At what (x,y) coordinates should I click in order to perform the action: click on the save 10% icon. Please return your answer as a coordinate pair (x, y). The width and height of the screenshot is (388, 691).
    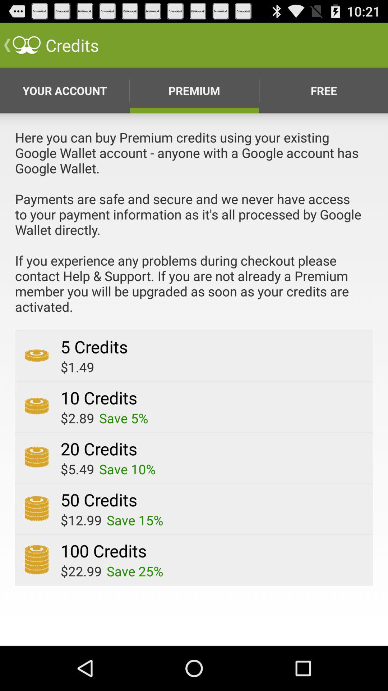
    Looking at the image, I should click on (127, 469).